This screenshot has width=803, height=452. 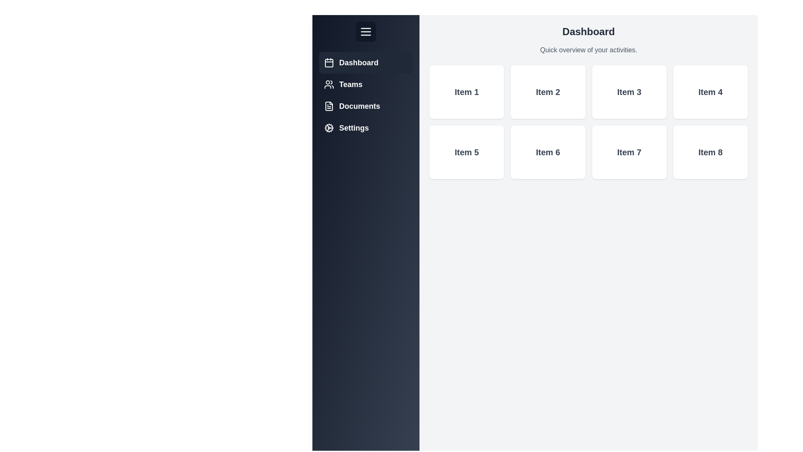 What do you see at coordinates (366, 128) in the screenshot?
I see `the menu item Settings to reveal its additional information or effects` at bounding box center [366, 128].